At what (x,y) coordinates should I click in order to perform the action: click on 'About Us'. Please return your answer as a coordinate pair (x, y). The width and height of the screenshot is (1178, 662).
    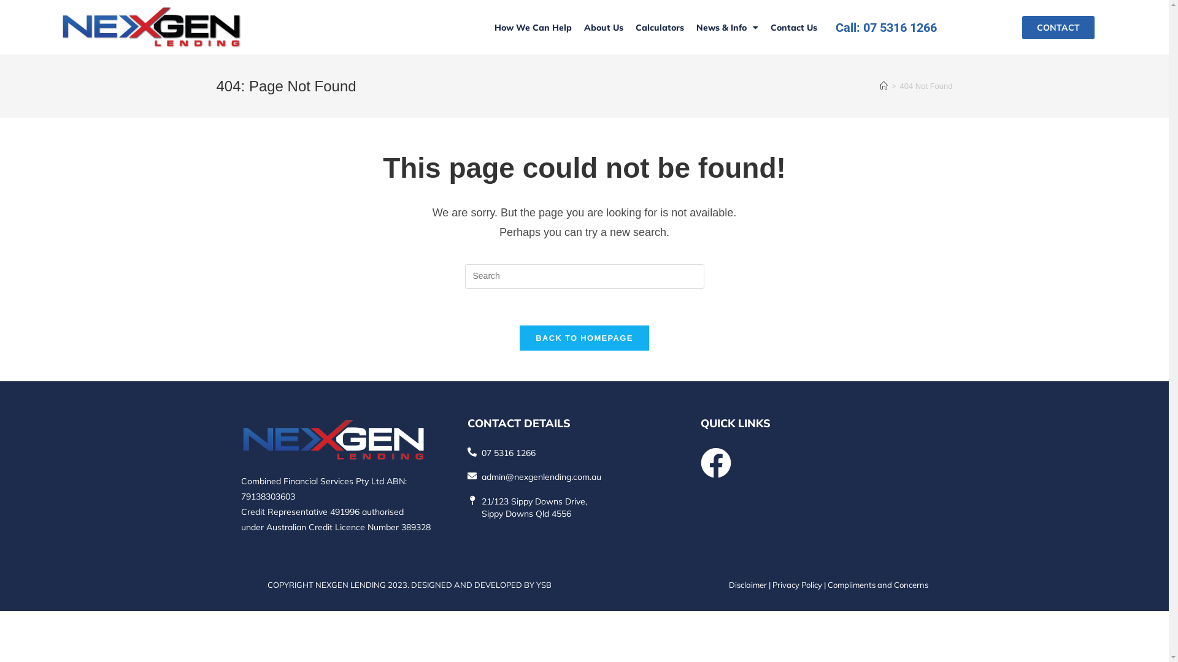
    Looking at the image, I should click on (577, 28).